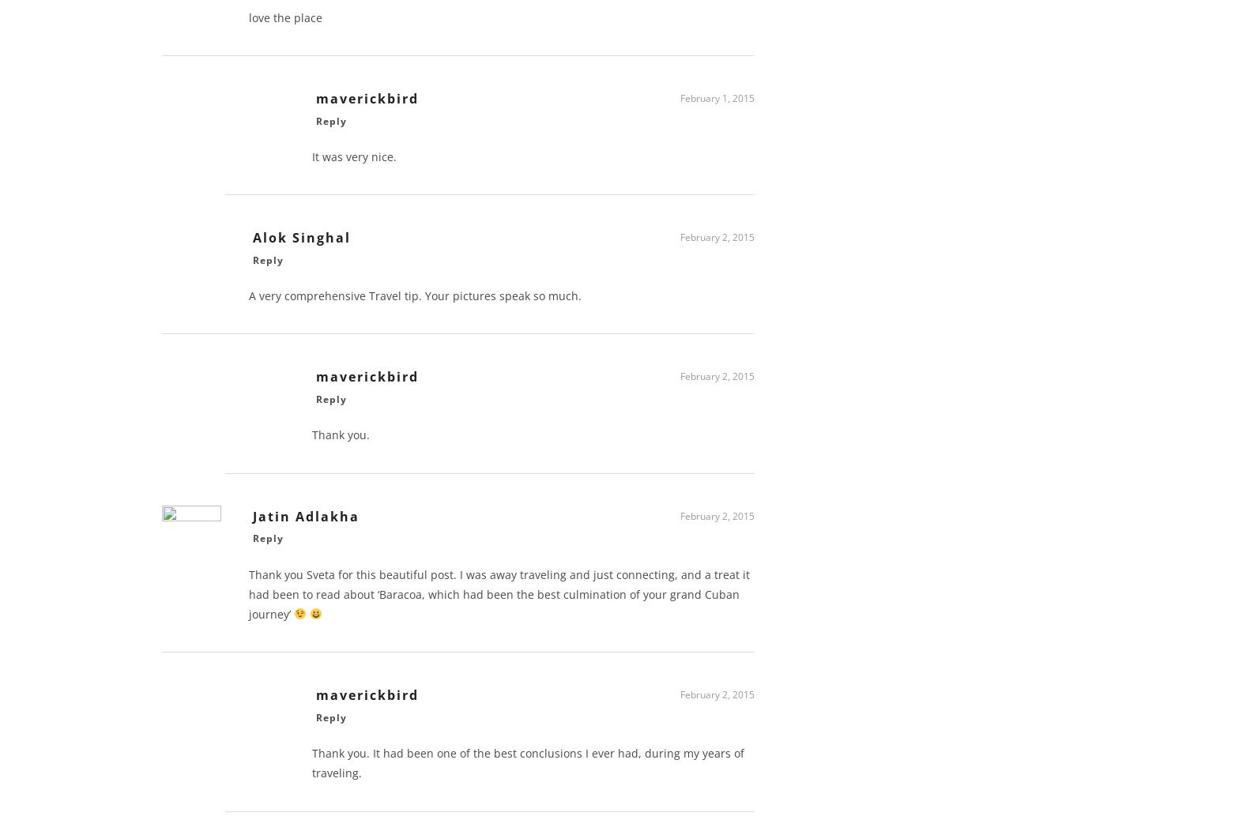 The image size is (1239, 835). I want to click on 'It was very nice.', so click(311, 162).